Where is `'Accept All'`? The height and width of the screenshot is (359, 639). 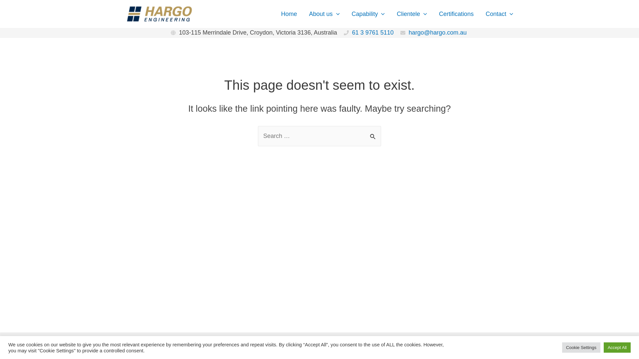
'Accept All' is located at coordinates (604, 347).